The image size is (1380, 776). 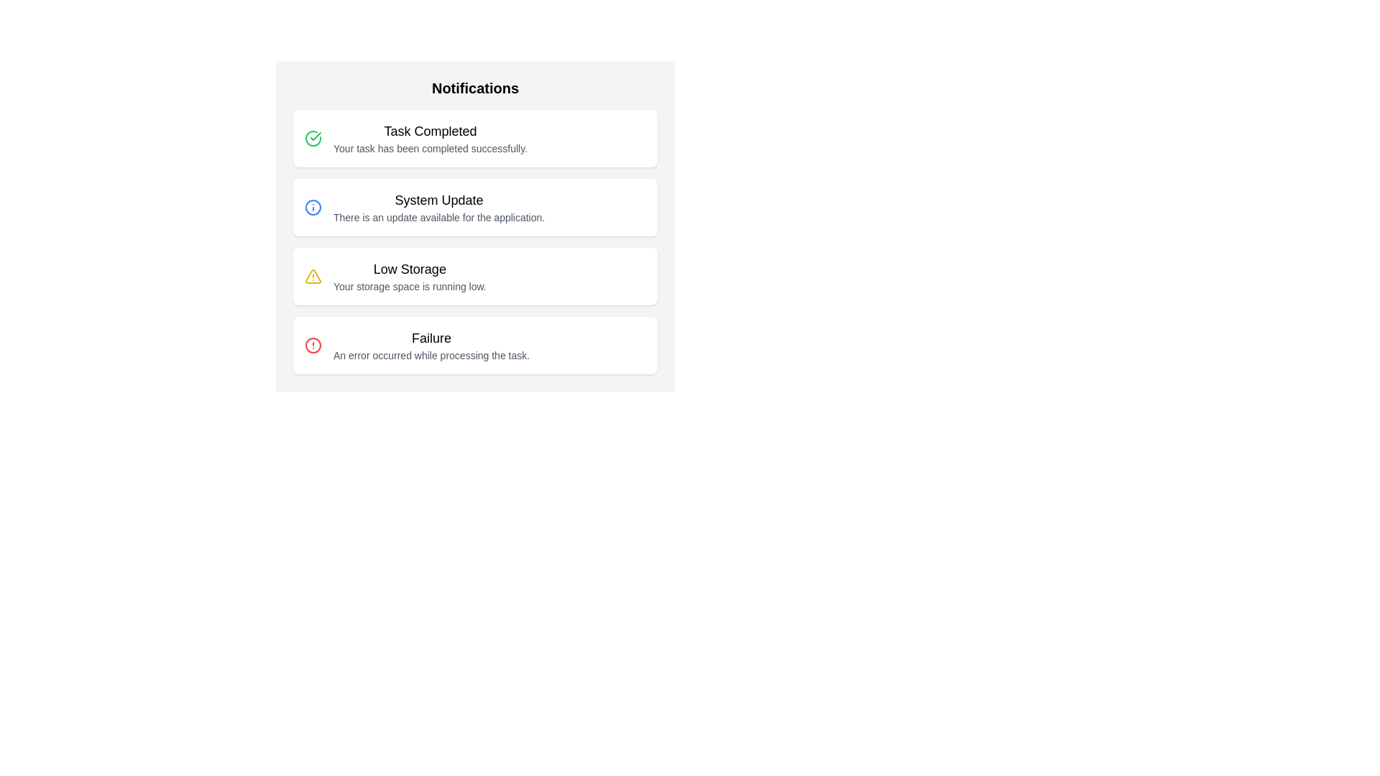 What do you see at coordinates (431, 355) in the screenshot?
I see `the text styled in a small font and gray color that says 'An error occurred while processing the task.' This text is located below the sibling text 'Failure' within the notification panel` at bounding box center [431, 355].